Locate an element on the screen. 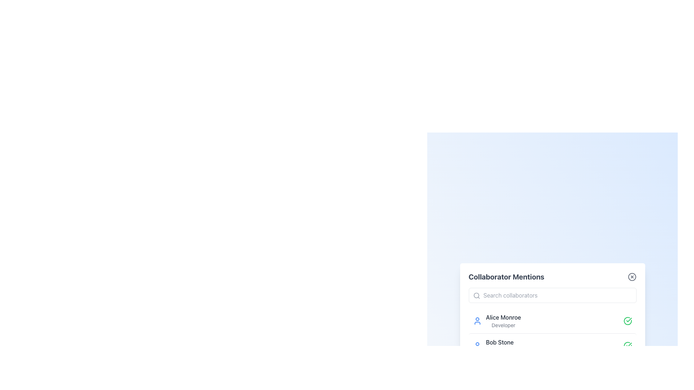 The height and width of the screenshot is (390, 694). the circular 'X' button located in the upper-right corner of the 'Collaborator Mentions' panel is located at coordinates (631, 277).